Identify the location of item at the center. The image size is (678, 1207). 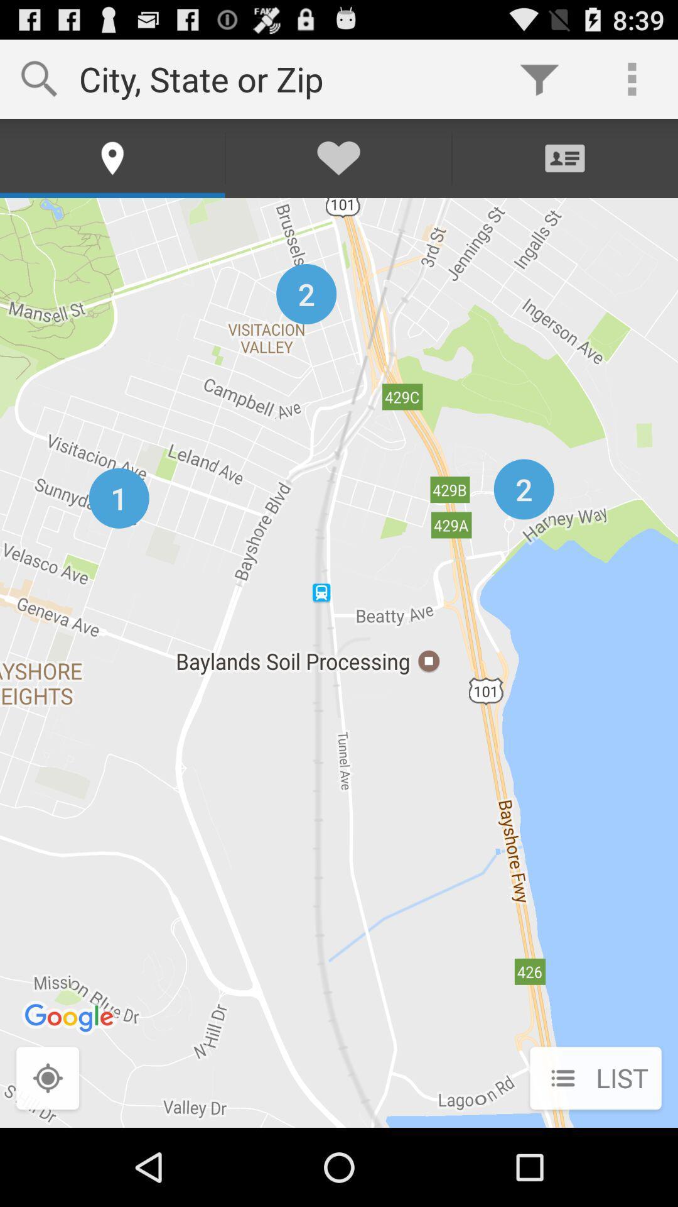
(339, 662).